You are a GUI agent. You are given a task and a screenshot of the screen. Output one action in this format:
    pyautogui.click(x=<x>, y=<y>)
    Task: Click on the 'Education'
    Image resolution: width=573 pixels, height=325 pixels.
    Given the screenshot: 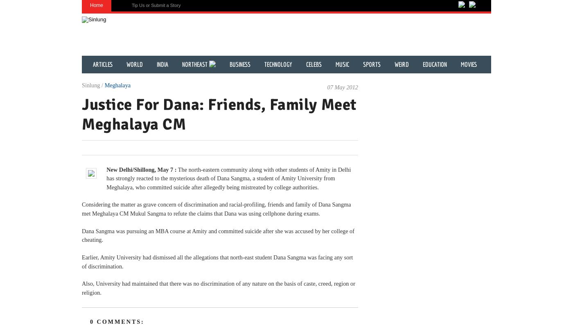 What is the action you would take?
    pyautogui.click(x=435, y=64)
    